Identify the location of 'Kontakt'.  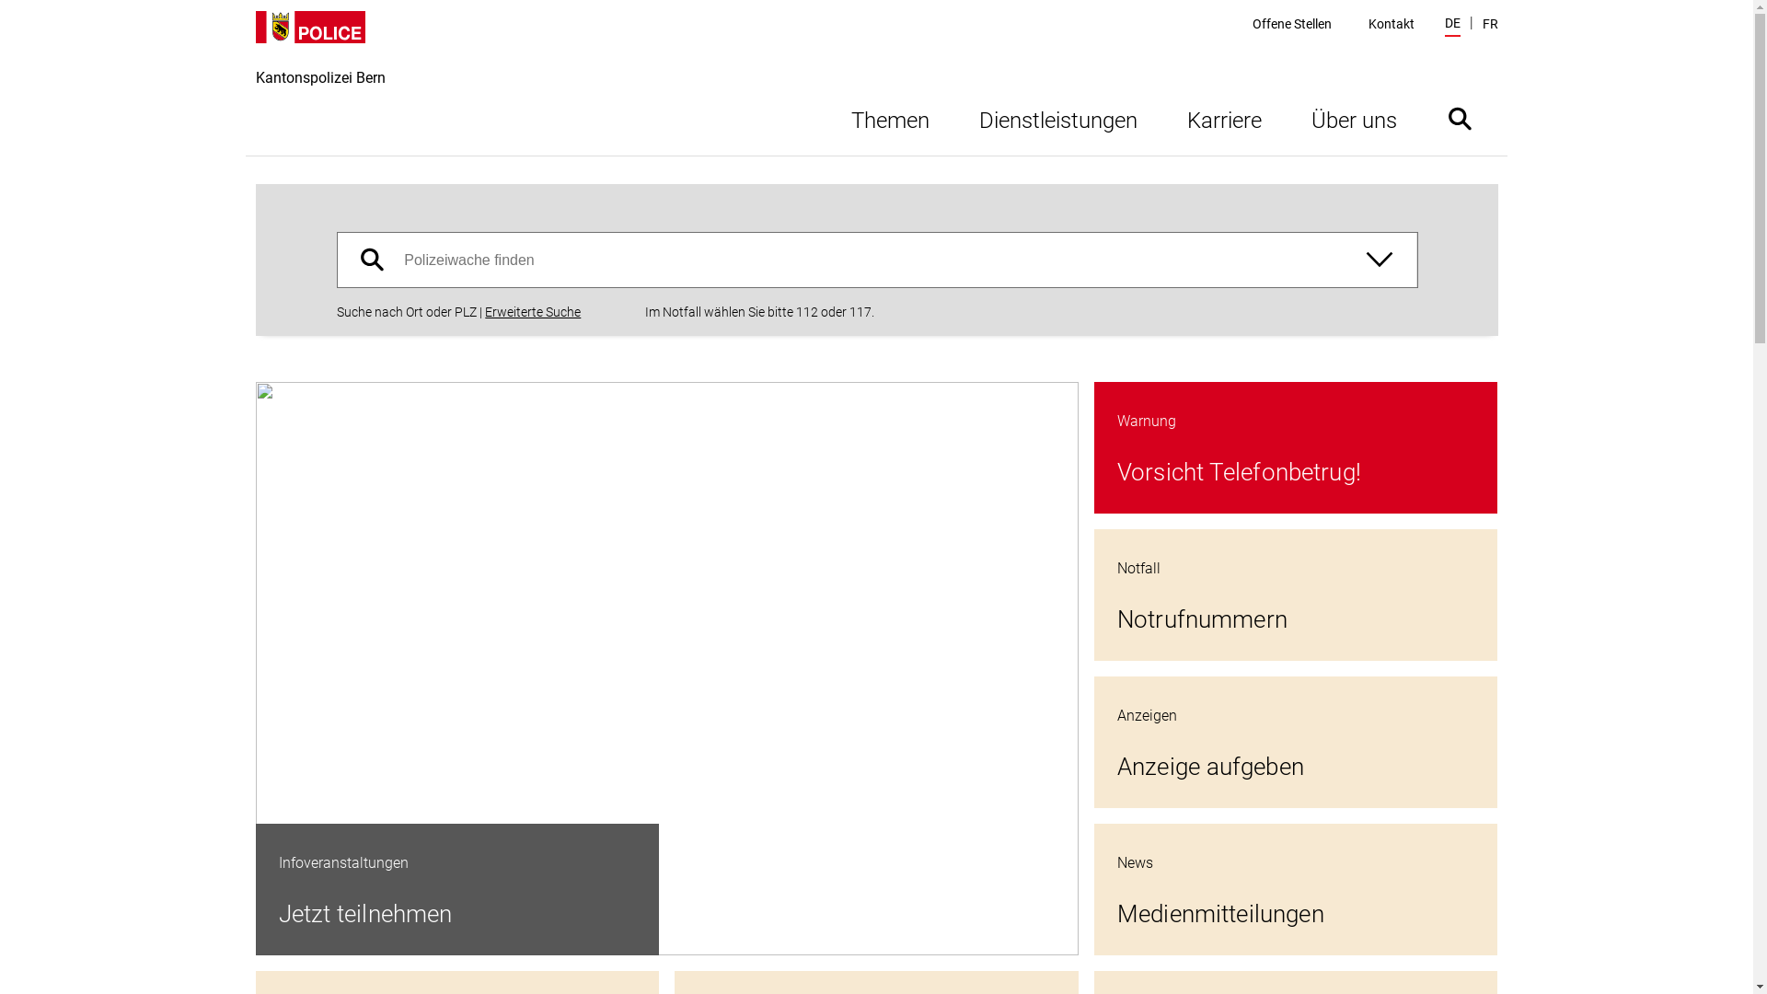
(1392, 24).